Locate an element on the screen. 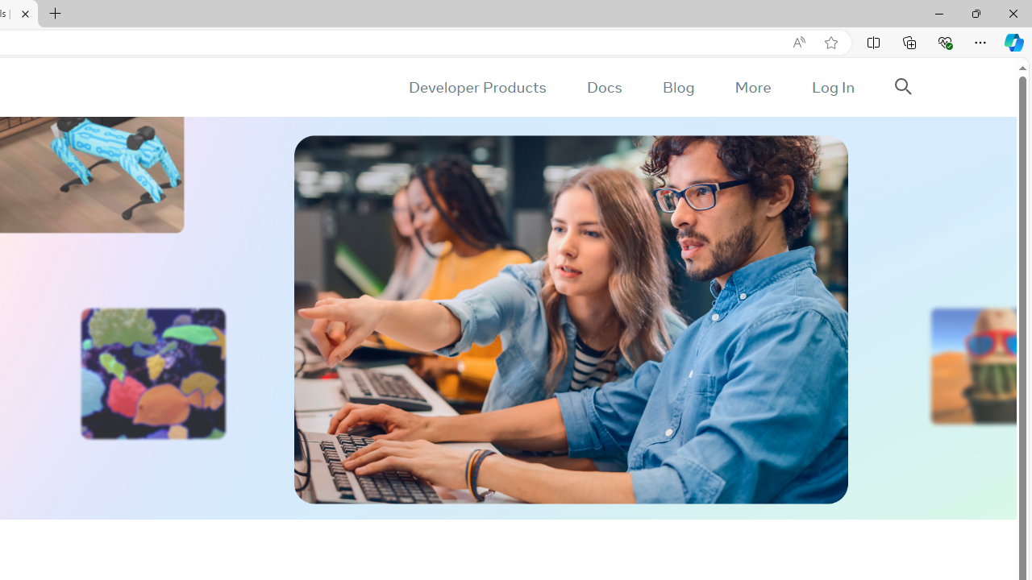  'Docs' is located at coordinates (603, 87).